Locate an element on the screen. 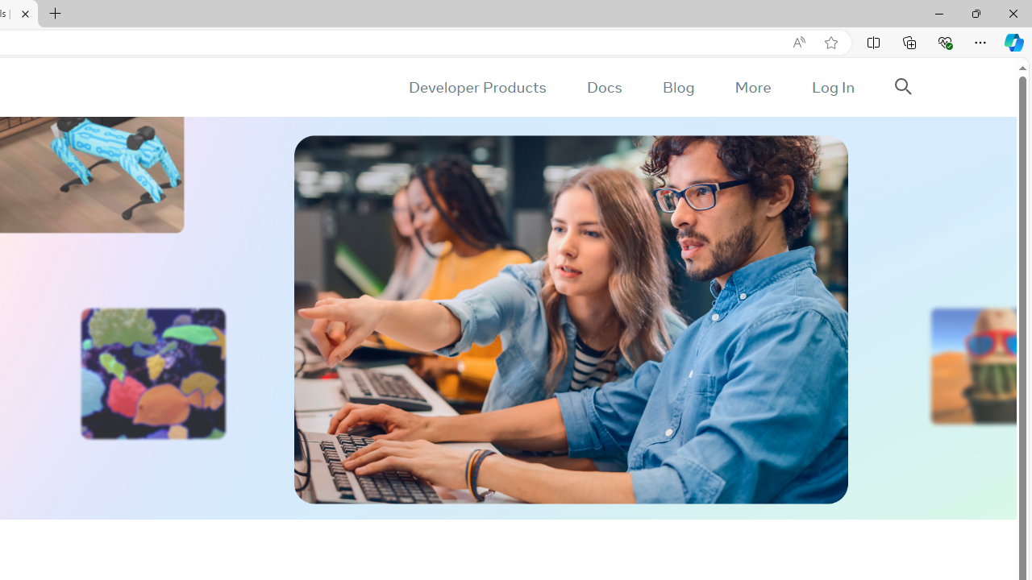  'Docs' is located at coordinates (603, 87).